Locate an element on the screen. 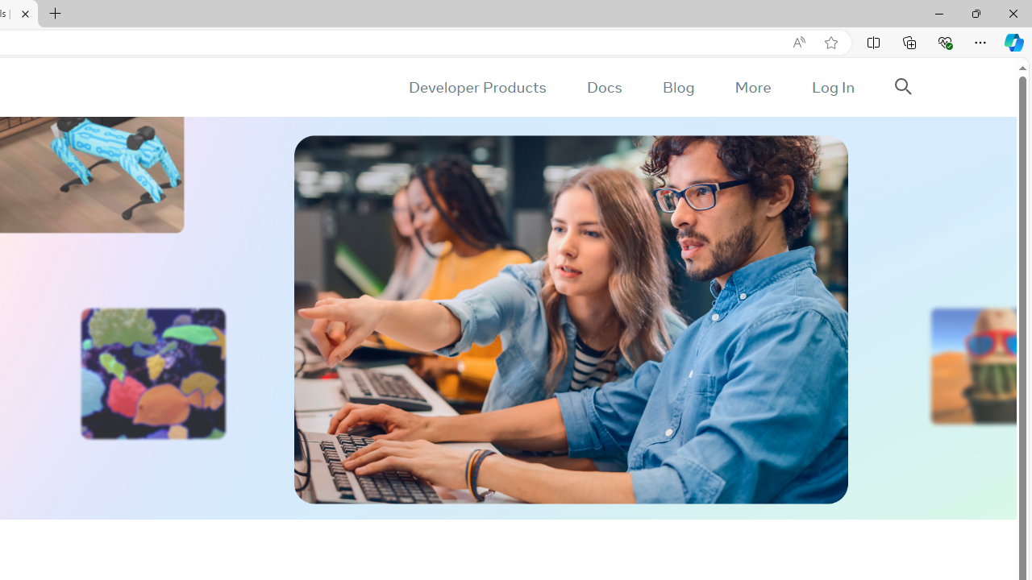  'Docs' is located at coordinates (603, 87).